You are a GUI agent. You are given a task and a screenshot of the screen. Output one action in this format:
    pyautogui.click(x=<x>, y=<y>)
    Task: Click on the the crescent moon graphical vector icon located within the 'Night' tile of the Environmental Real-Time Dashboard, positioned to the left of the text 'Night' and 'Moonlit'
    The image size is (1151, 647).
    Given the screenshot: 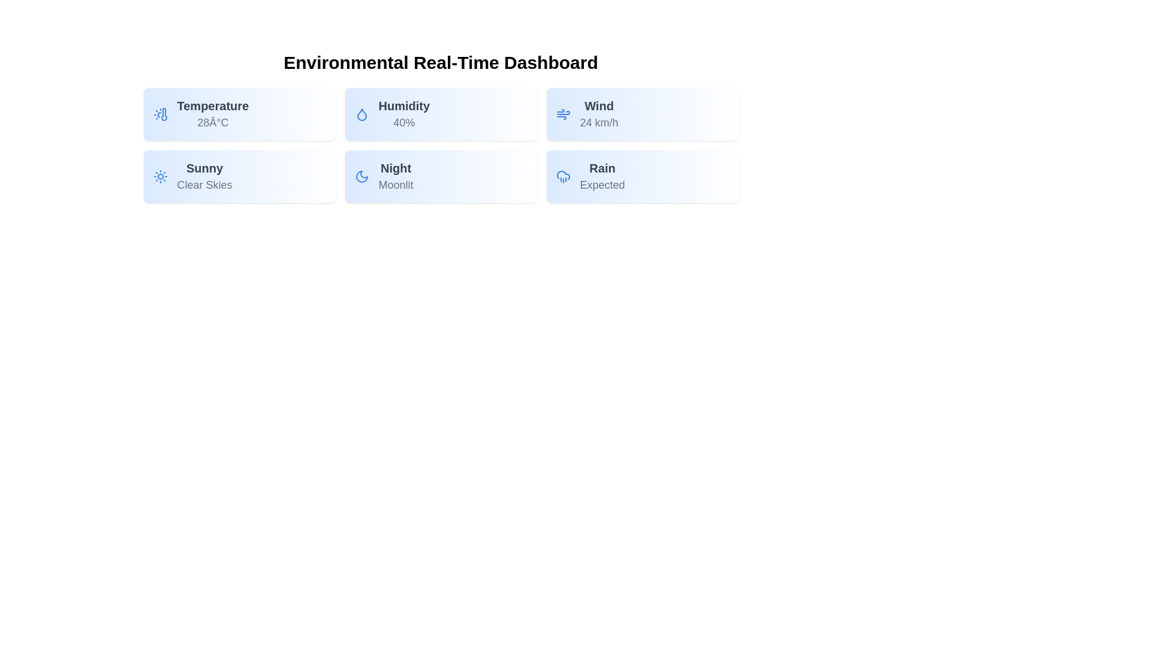 What is the action you would take?
    pyautogui.click(x=361, y=176)
    